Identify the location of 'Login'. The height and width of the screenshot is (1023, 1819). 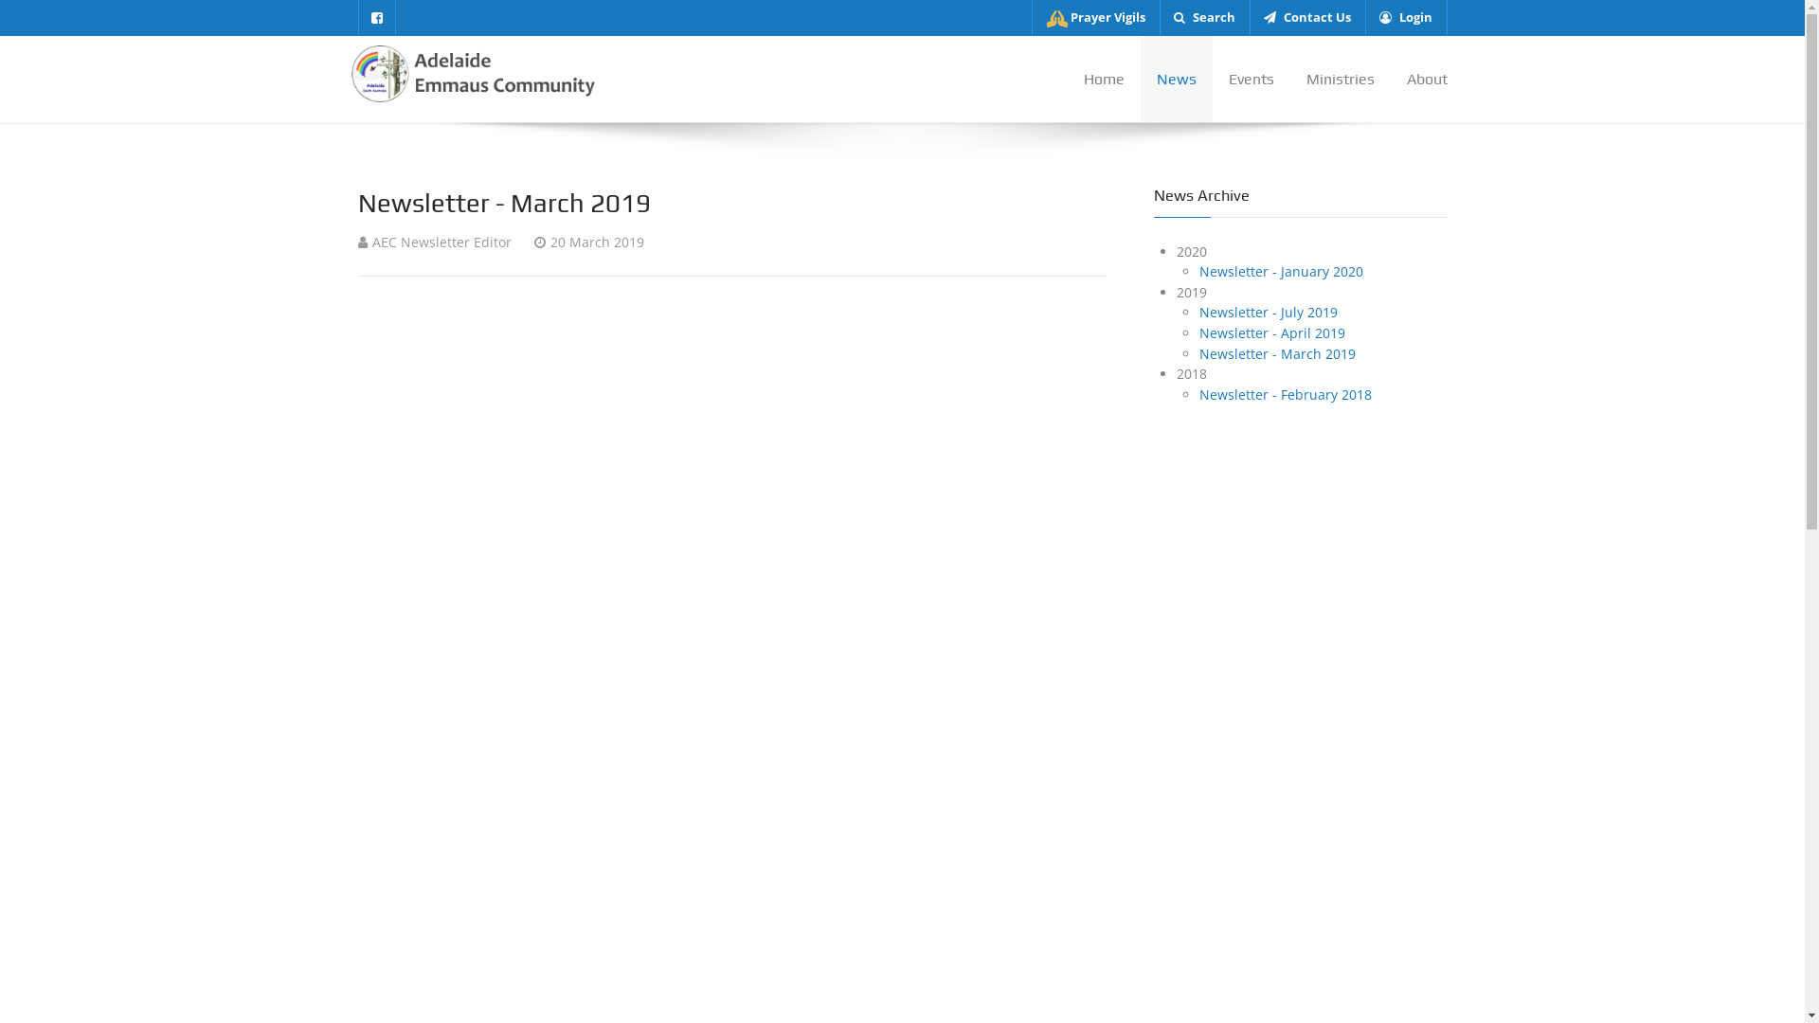
(1405, 18).